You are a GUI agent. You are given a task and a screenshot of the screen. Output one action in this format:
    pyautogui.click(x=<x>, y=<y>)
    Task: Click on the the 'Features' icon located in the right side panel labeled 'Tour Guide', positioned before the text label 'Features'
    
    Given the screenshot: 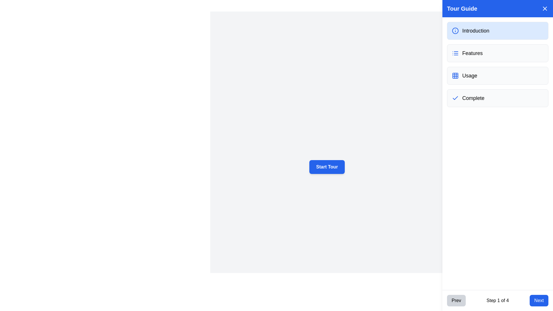 What is the action you would take?
    pyautogui.click(x=455, y=53)
    